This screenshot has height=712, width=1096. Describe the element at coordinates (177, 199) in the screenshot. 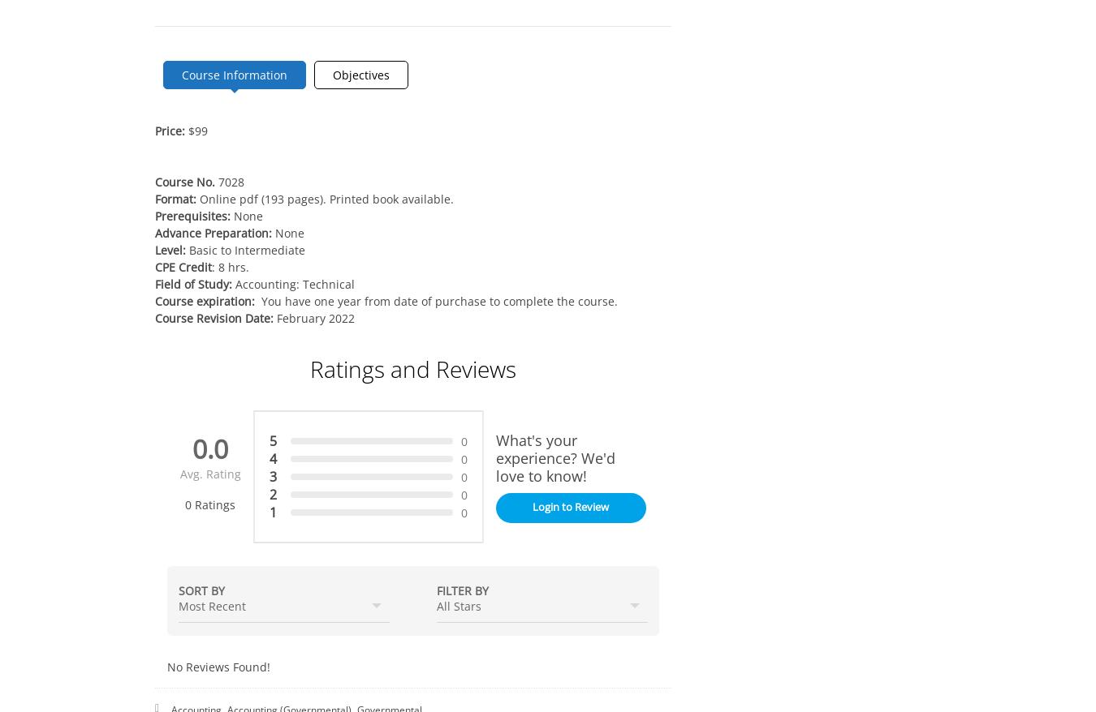

I see `'Format:'` at that location.